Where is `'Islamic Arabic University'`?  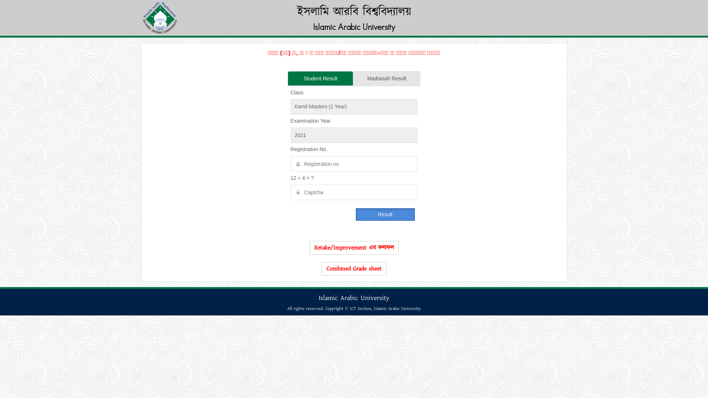 'Islamic Arabic University' is located at coordinates (353, 26).